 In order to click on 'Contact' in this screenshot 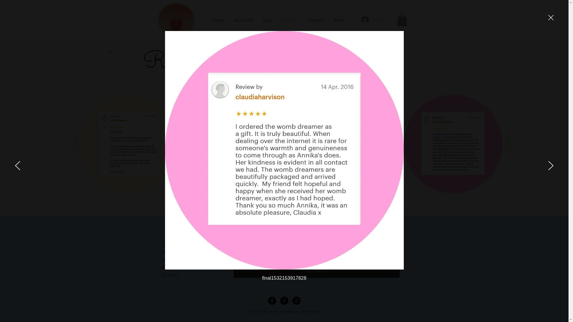, I will do `click(170, 275)`.